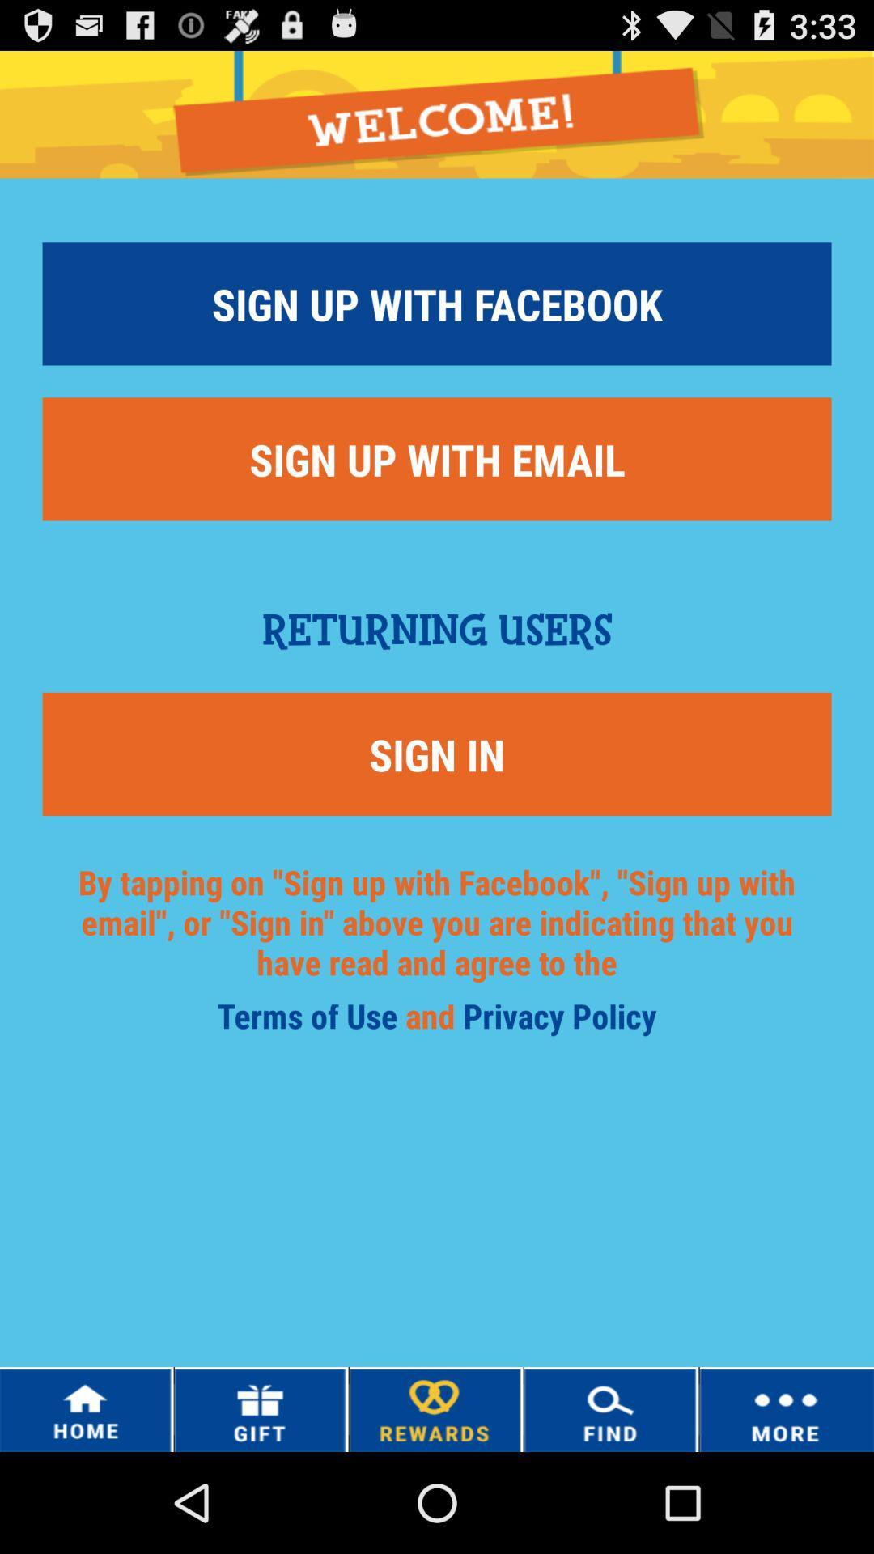 Image resolution: width=874 pixels, height=1554 pixels. I want to click on item to the left of and, so click(311, 1021).